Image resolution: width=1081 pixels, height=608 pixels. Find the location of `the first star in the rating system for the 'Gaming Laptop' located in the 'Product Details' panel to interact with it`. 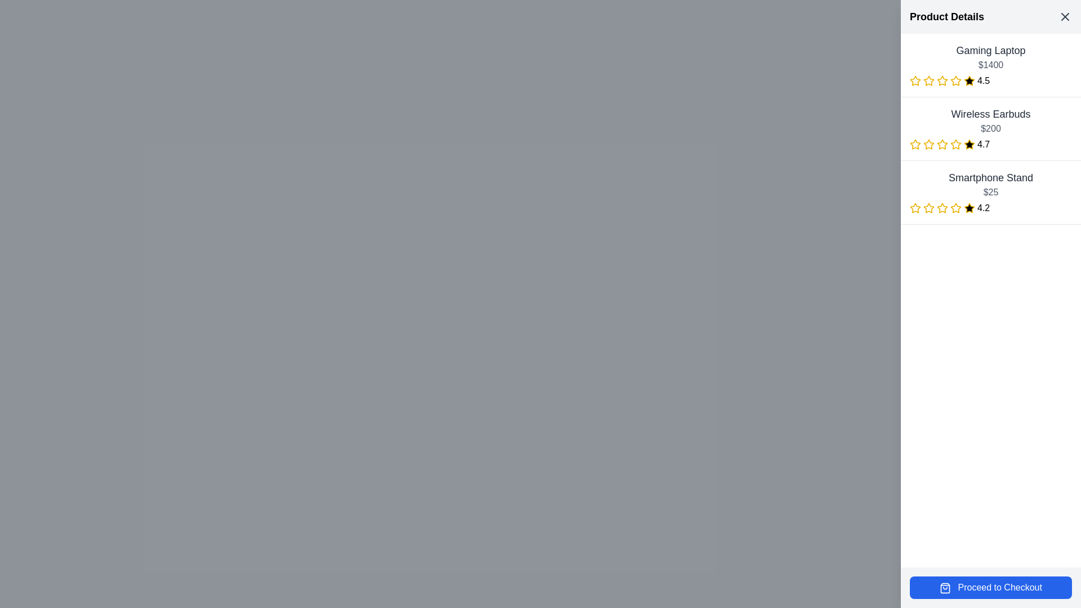

the first star in the rating system for the 'Gaming Laptop' located in the 'Product Details' panel to interact with it is located at coordinates (915, 79).